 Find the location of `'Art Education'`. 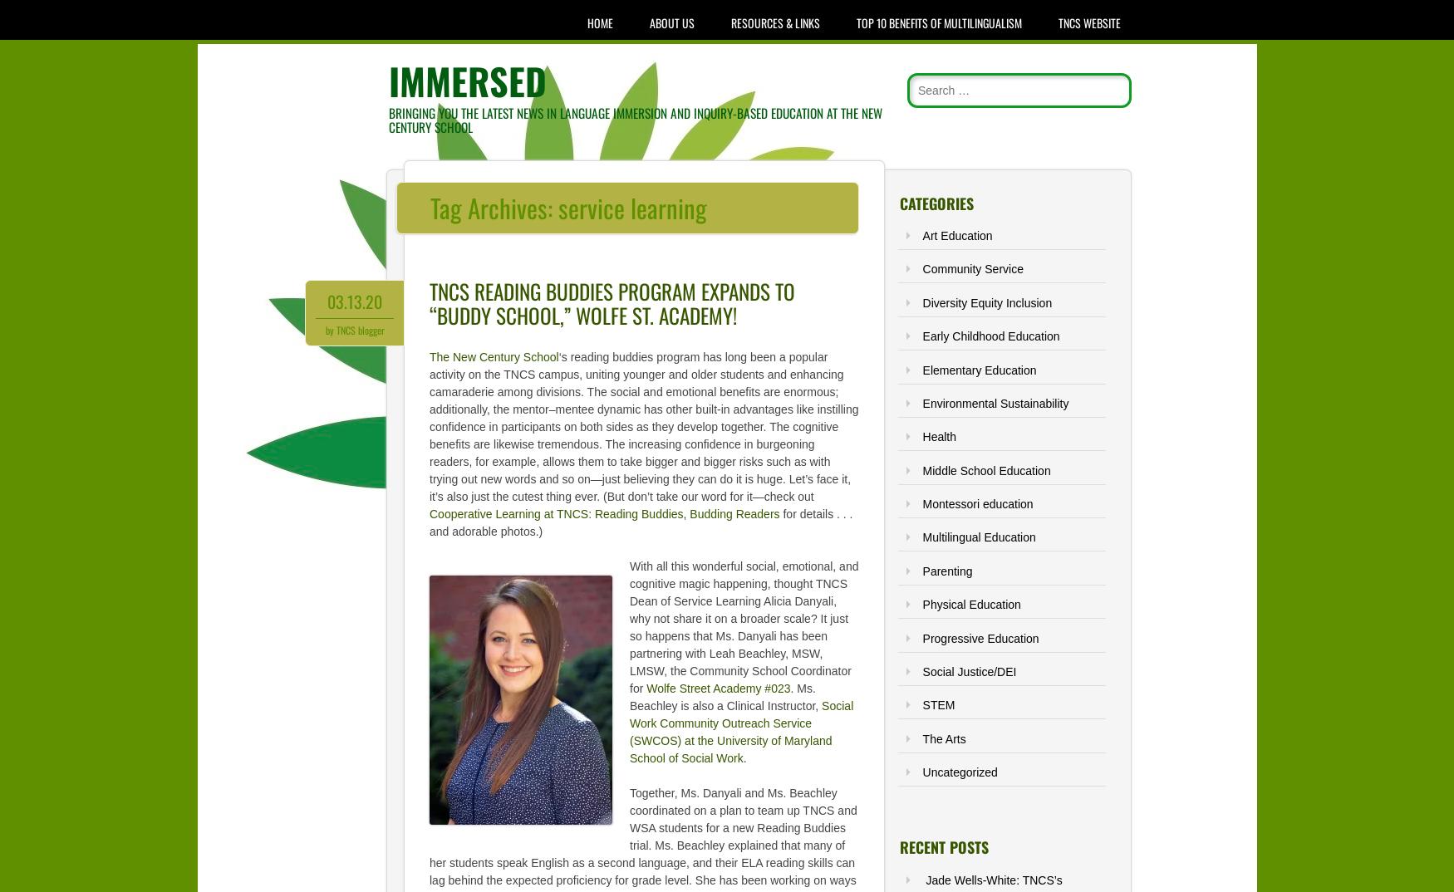

'Art Education' is located at coordinates (922, 234).